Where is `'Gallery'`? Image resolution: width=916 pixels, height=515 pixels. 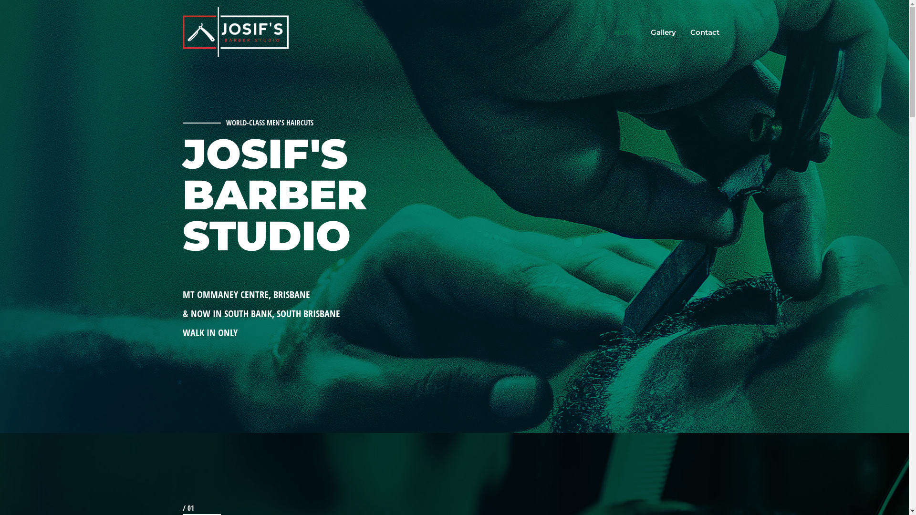 'Gallery' is located at coordinates (662, 32).